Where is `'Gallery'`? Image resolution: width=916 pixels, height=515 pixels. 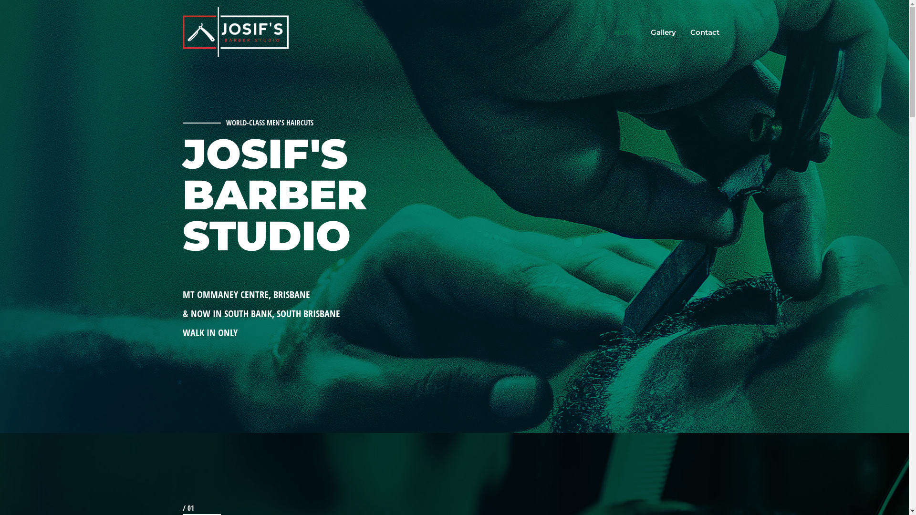 'Gallery' is located at coordinates (662, 32).